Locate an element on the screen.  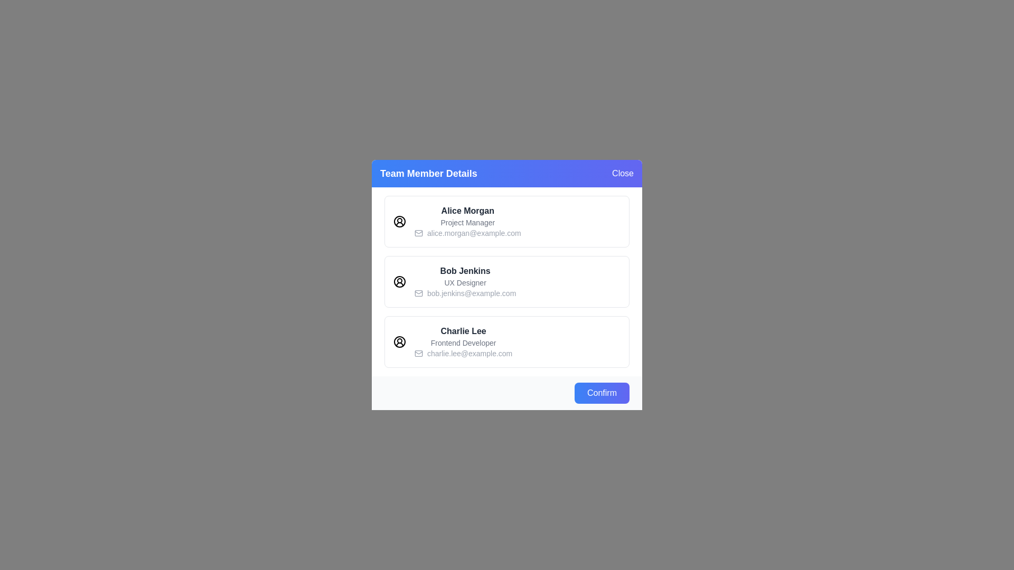
the 'Team Member Details' text label, which is presented in bold, large white font on a blue gradient background, located in the top-left portion of the modal window is located at coordinates (428, 173).